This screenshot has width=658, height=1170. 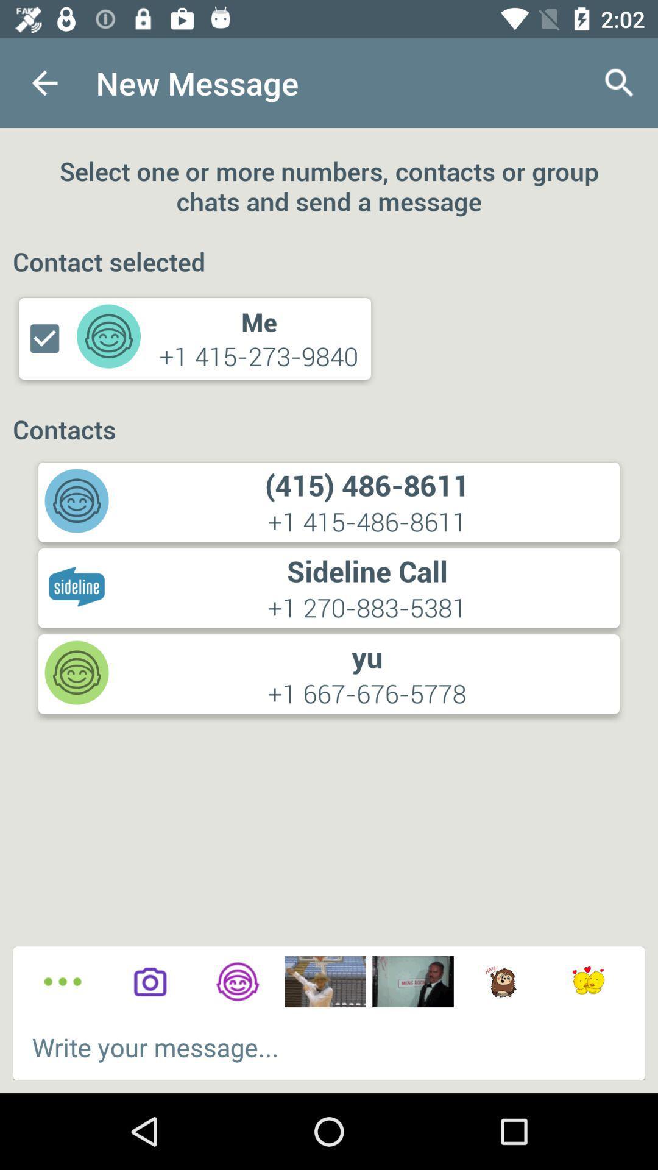 What do you see at coordinates (587, 982) in the screenshot?
I see `emojis` at bounding box center [587, 982].